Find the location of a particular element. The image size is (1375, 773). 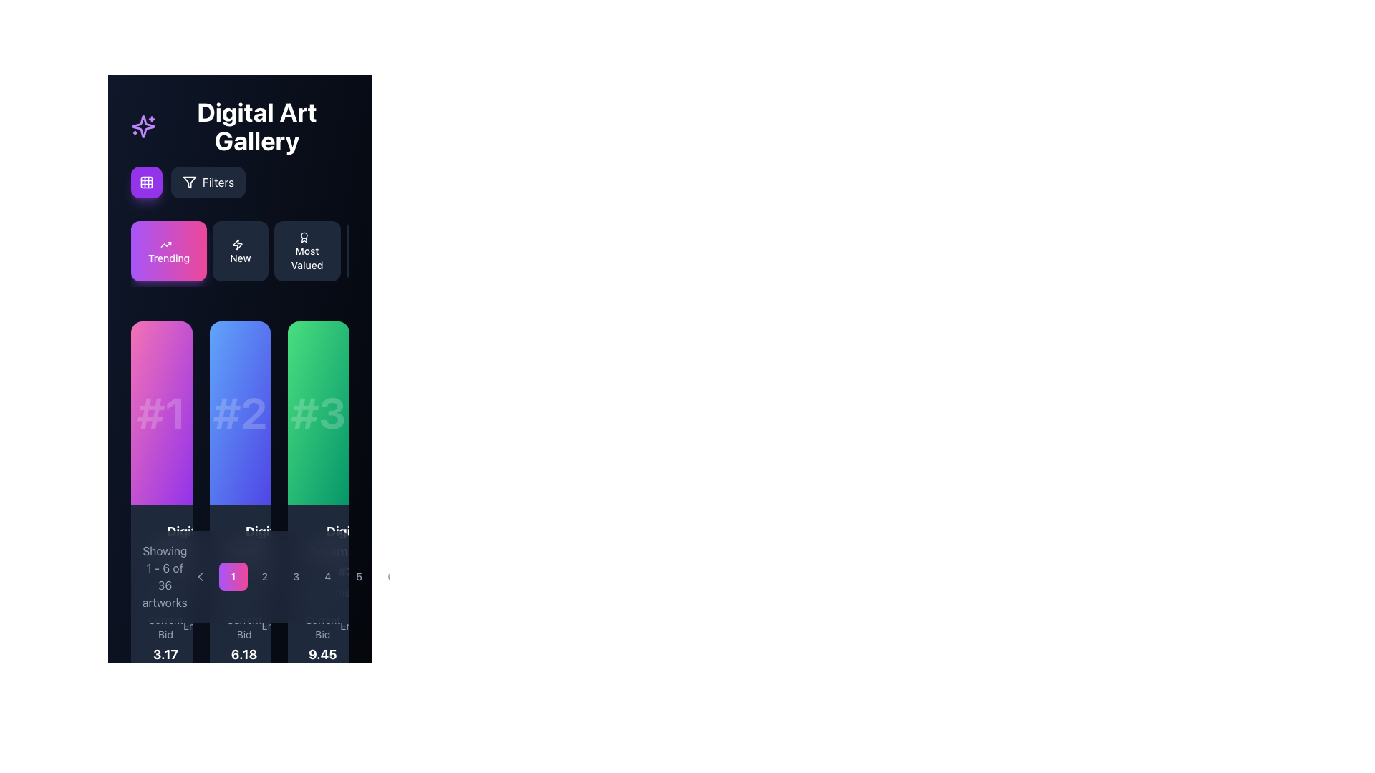

the second pagination button is located at coordinates (264, 576).